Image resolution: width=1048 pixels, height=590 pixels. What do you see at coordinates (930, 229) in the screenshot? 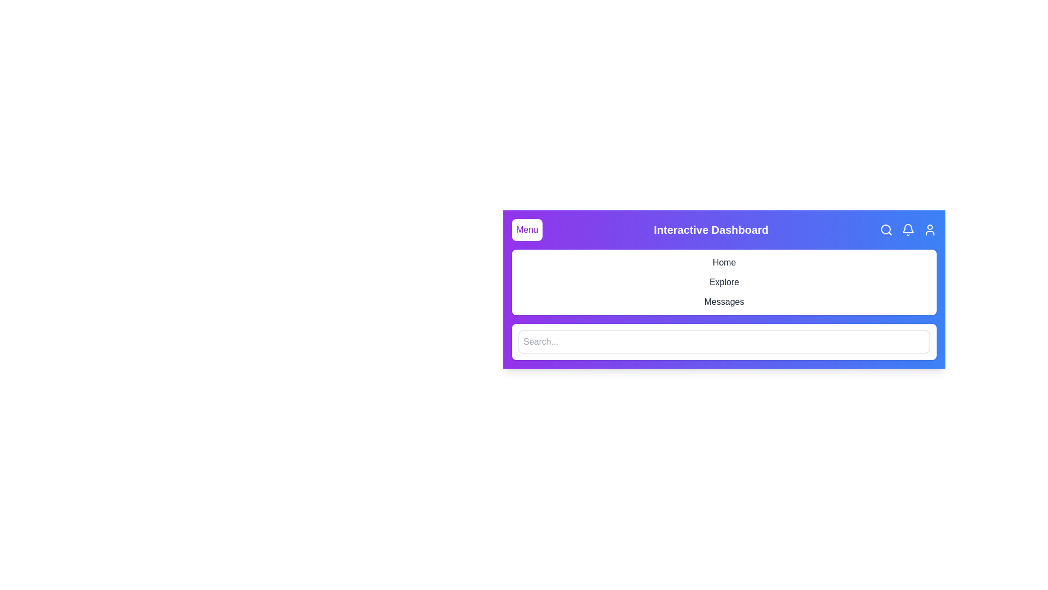
I see `the User icon to observe its hover effect` at bounding box center [930, 229].